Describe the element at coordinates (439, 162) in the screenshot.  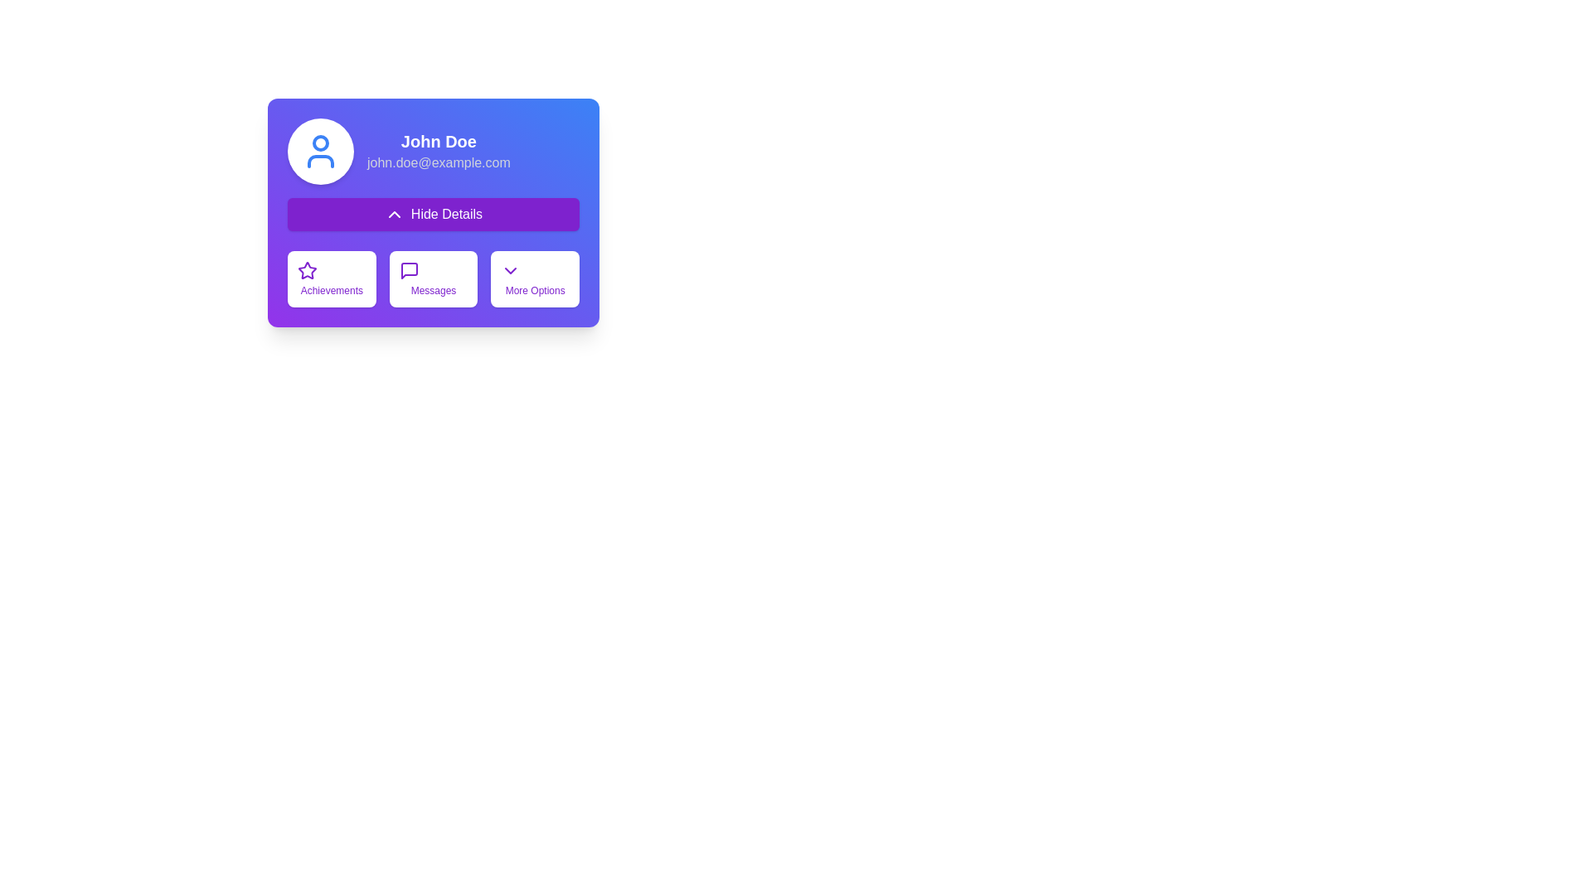
I see `the email address text label that displays the user's contact information, positioned directly beneath 'John Doe' in the user profile card` at that location.